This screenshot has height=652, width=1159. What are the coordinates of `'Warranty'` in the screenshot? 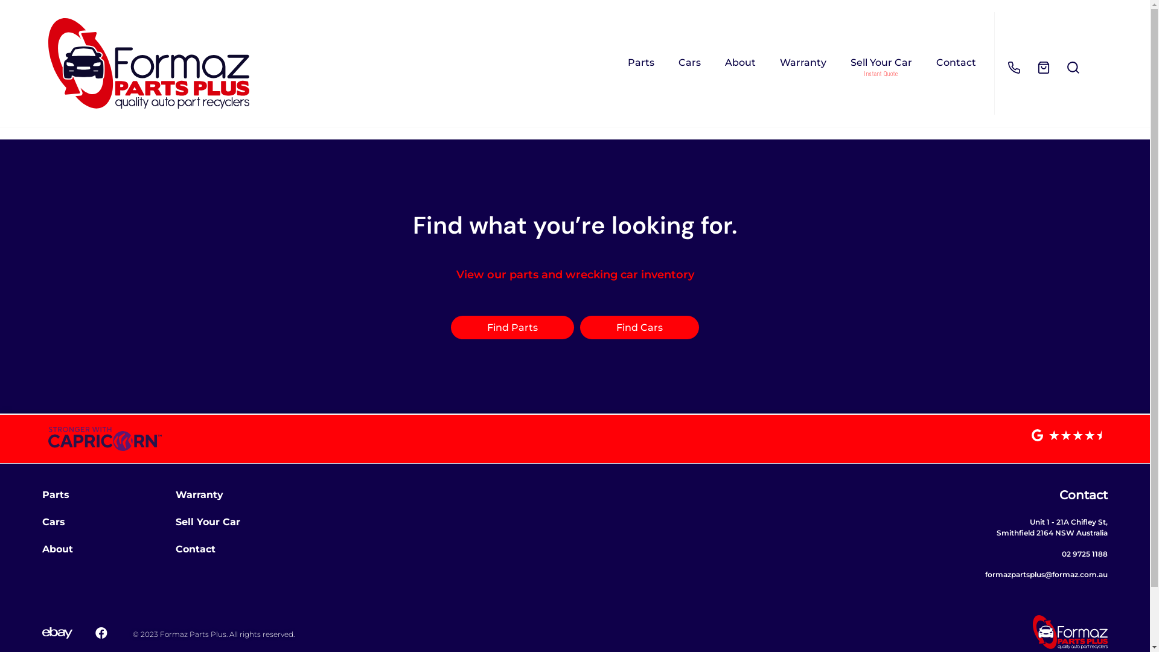 It's located at (199, 494).